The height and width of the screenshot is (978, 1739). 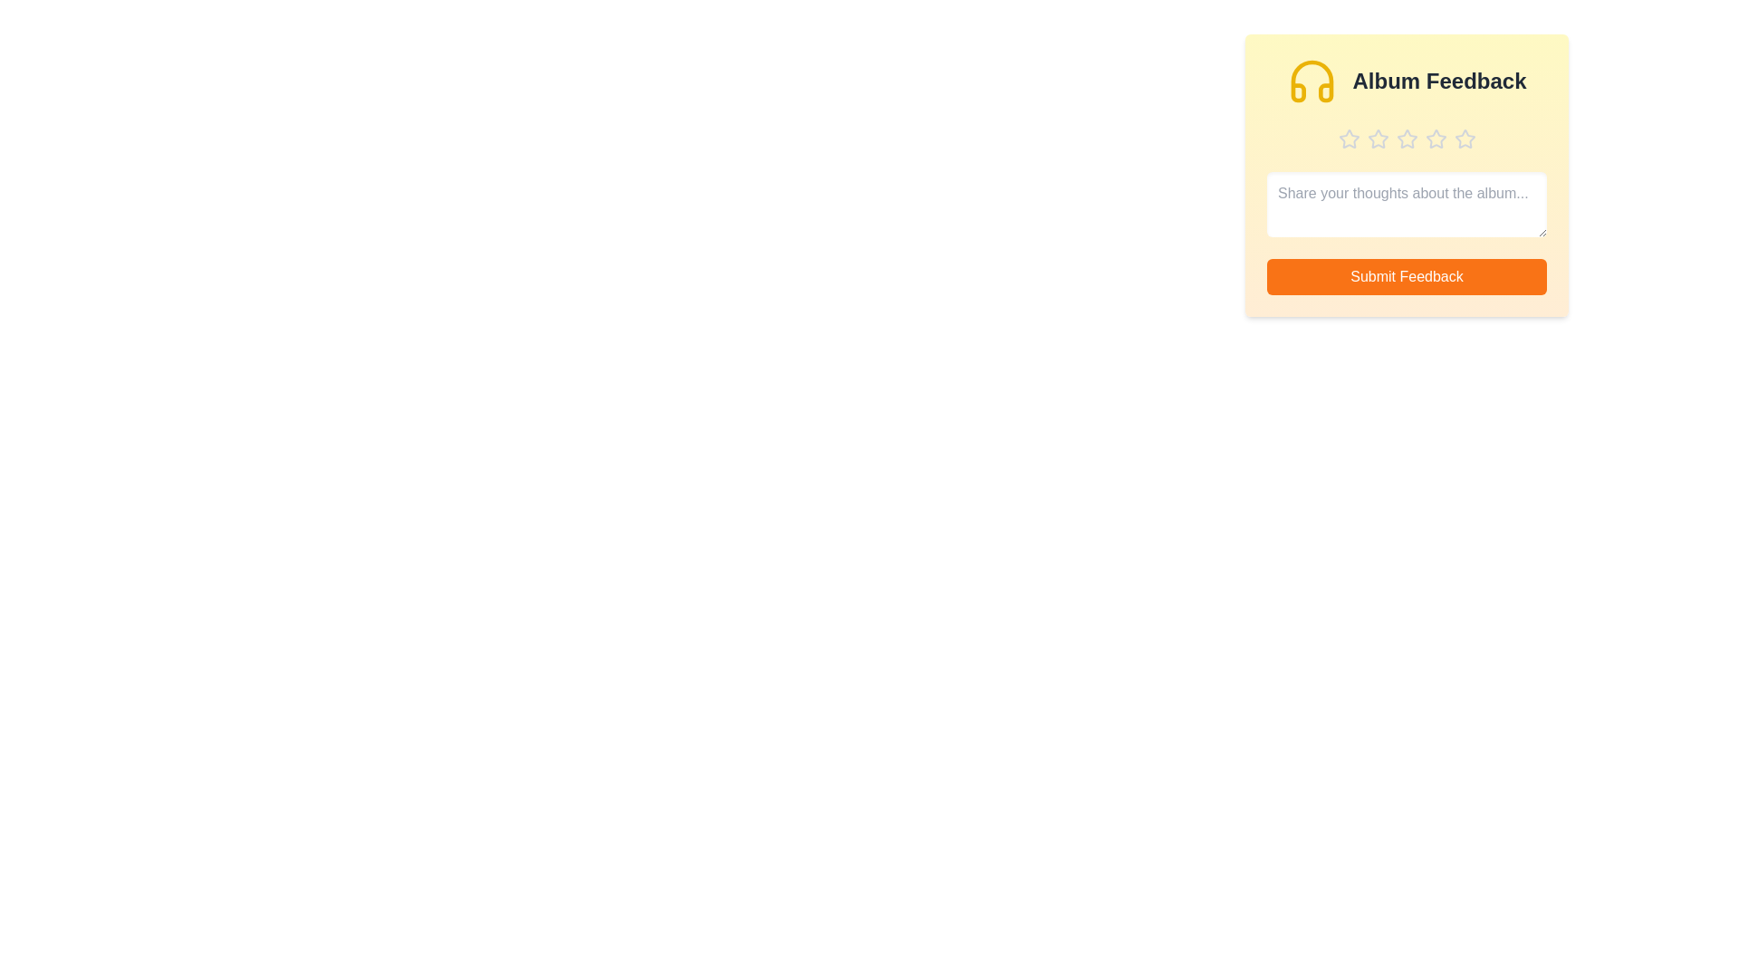 What do you see at coordinates (1465, 139) in the screenshot?
I see `the star corresponding to 5 stars to preview the rating` at bounding box center [1465, 139].